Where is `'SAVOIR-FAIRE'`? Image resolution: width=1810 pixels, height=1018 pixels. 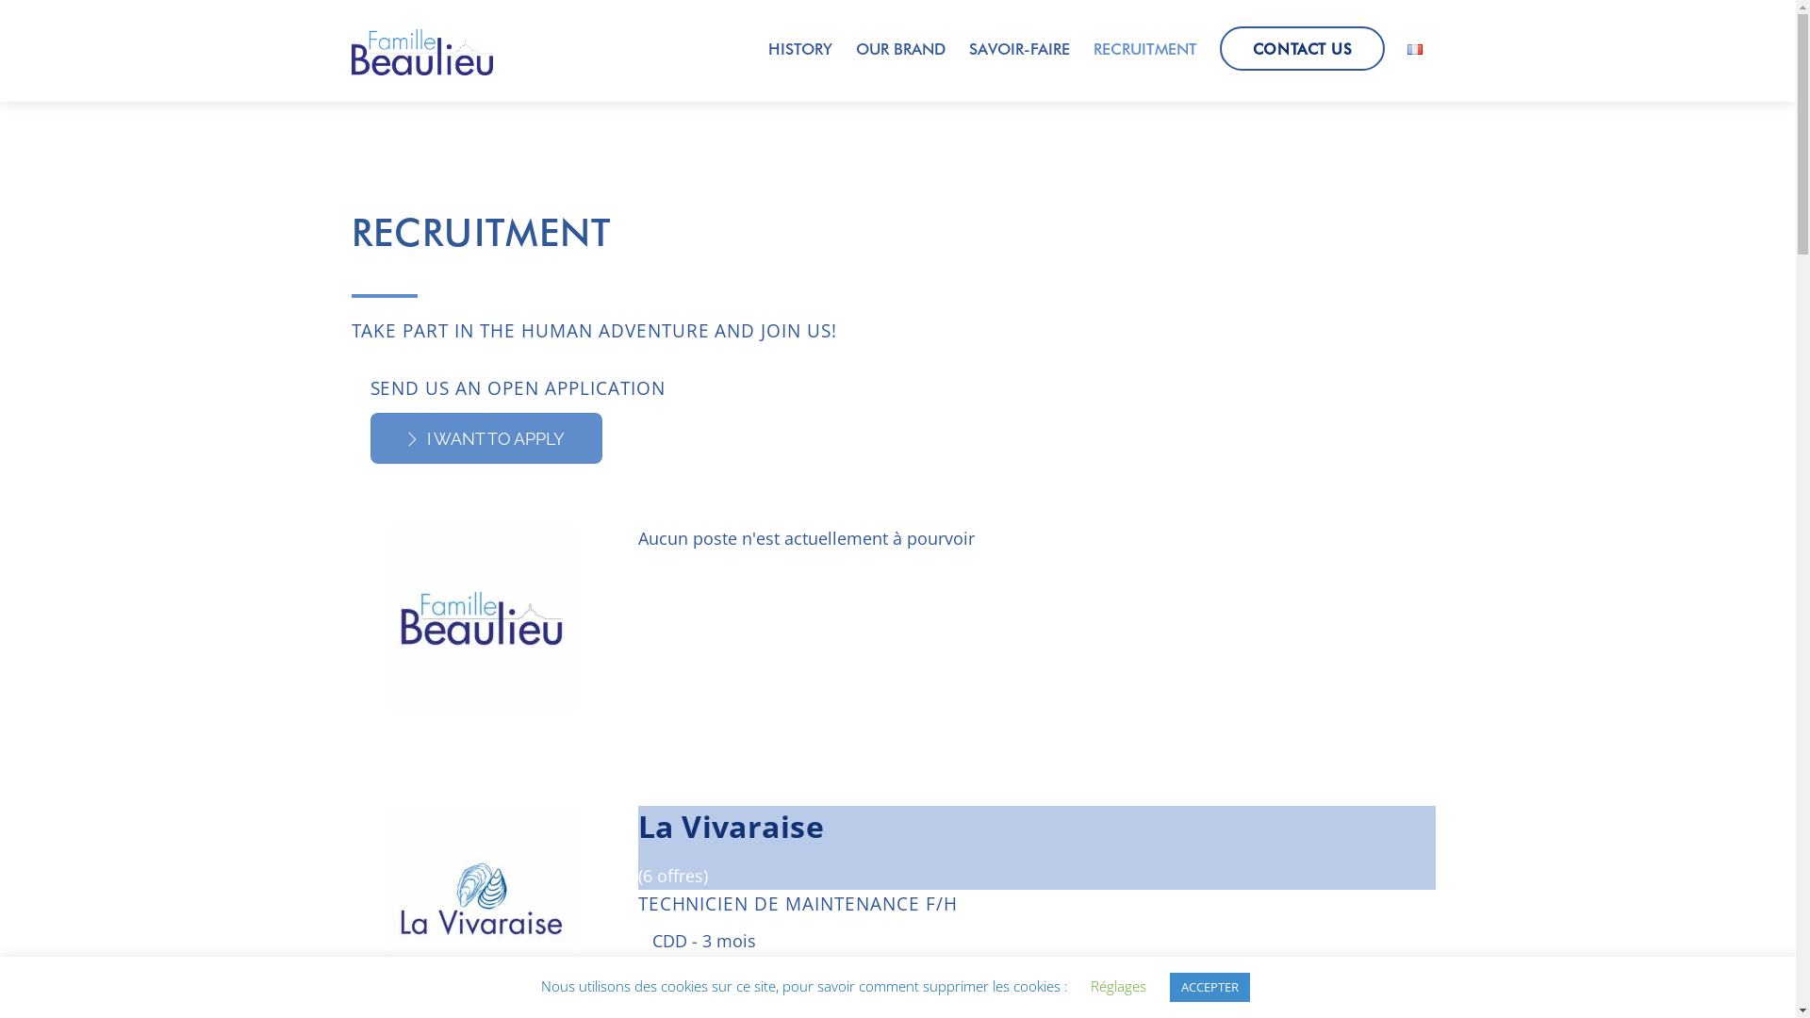 'SAVOIR-FAIRE' is located at coordinates (1018, 48).